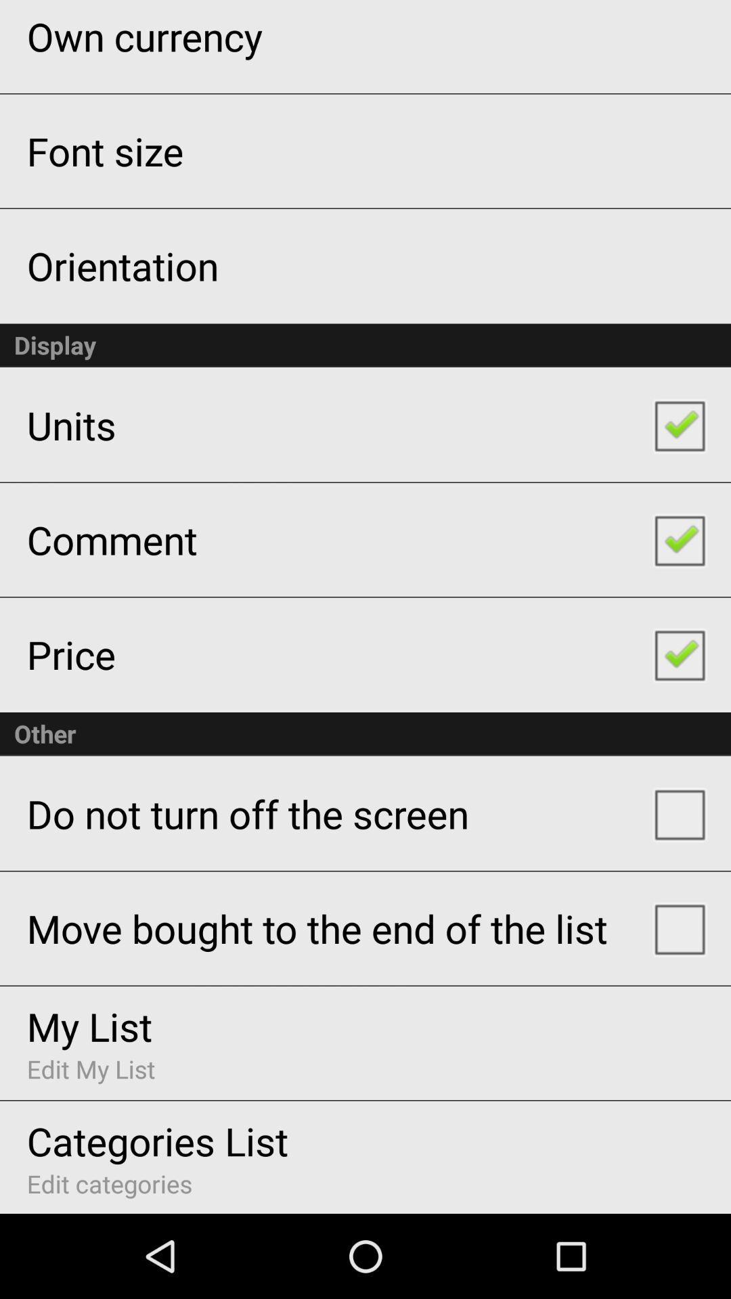  Describe the element at coordinates (71, 654) in the screenshot. I see `the icon below comment` at that location.